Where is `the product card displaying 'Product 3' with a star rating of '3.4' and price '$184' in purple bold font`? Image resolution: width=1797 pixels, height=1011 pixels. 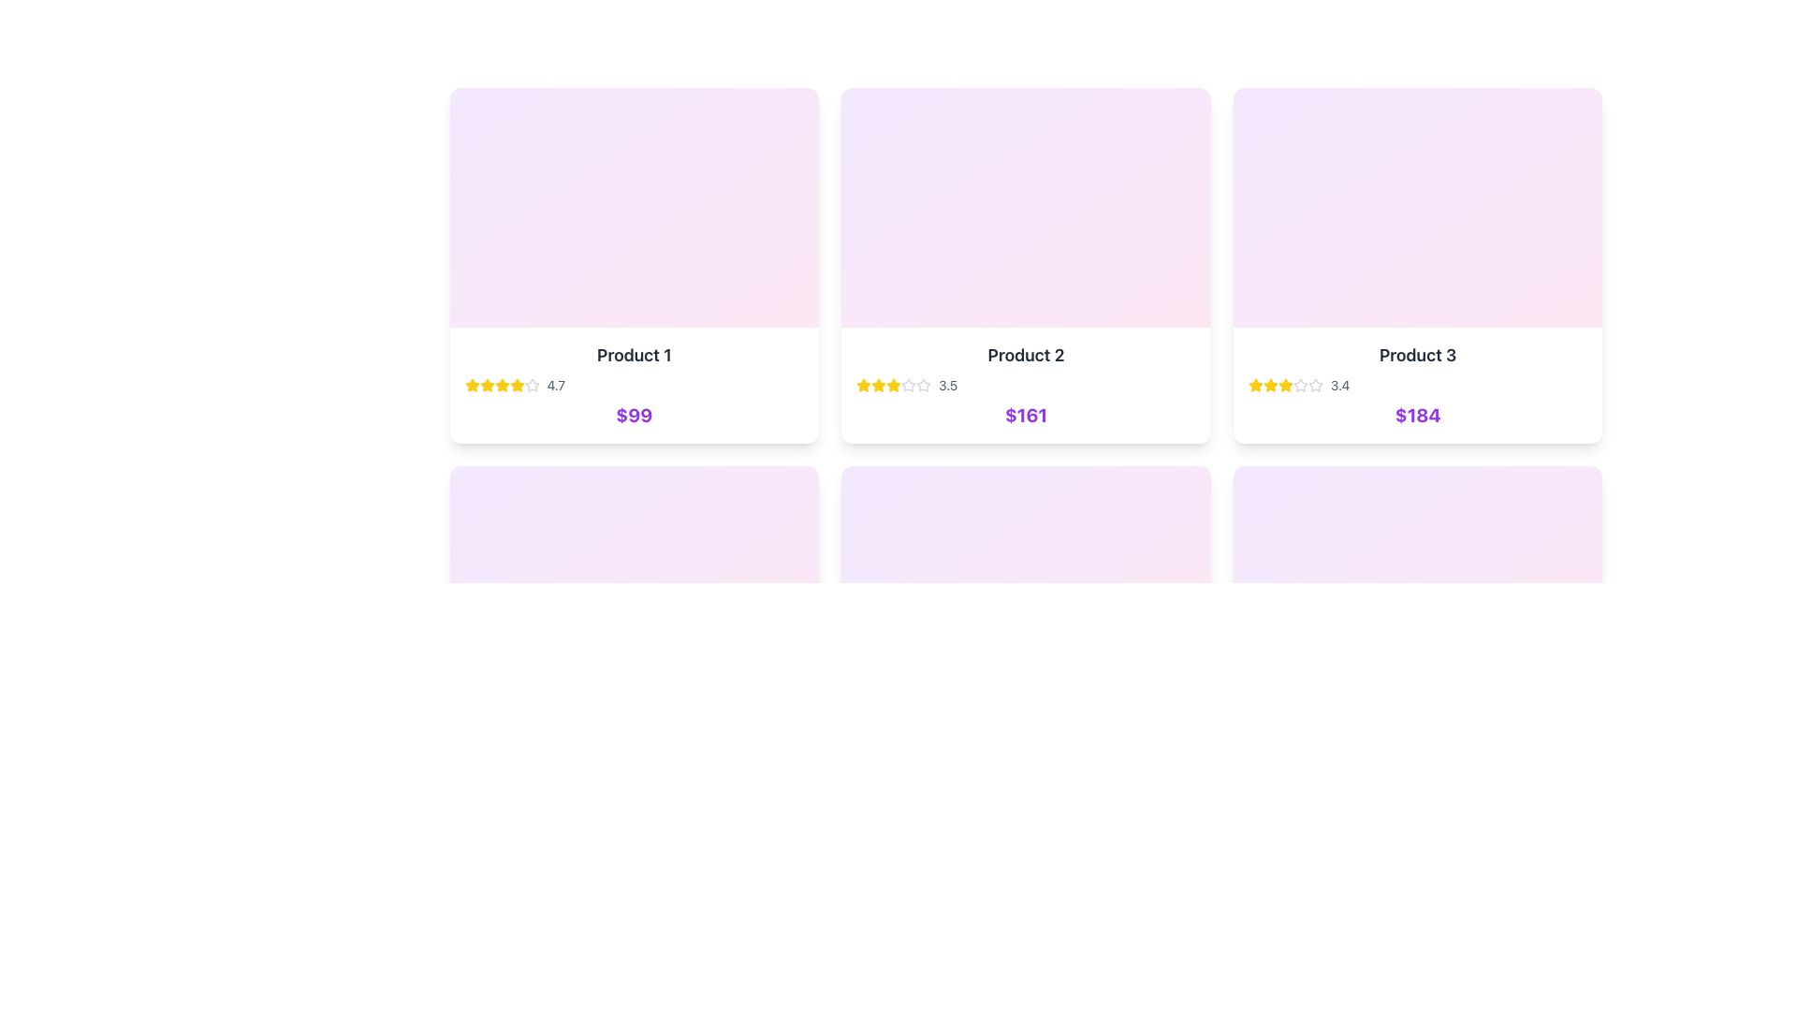 the product card displaying 'Product 3' with a star rating of '3.4' and price '$184' in purple bold font is located at coordinates (1418, 385).